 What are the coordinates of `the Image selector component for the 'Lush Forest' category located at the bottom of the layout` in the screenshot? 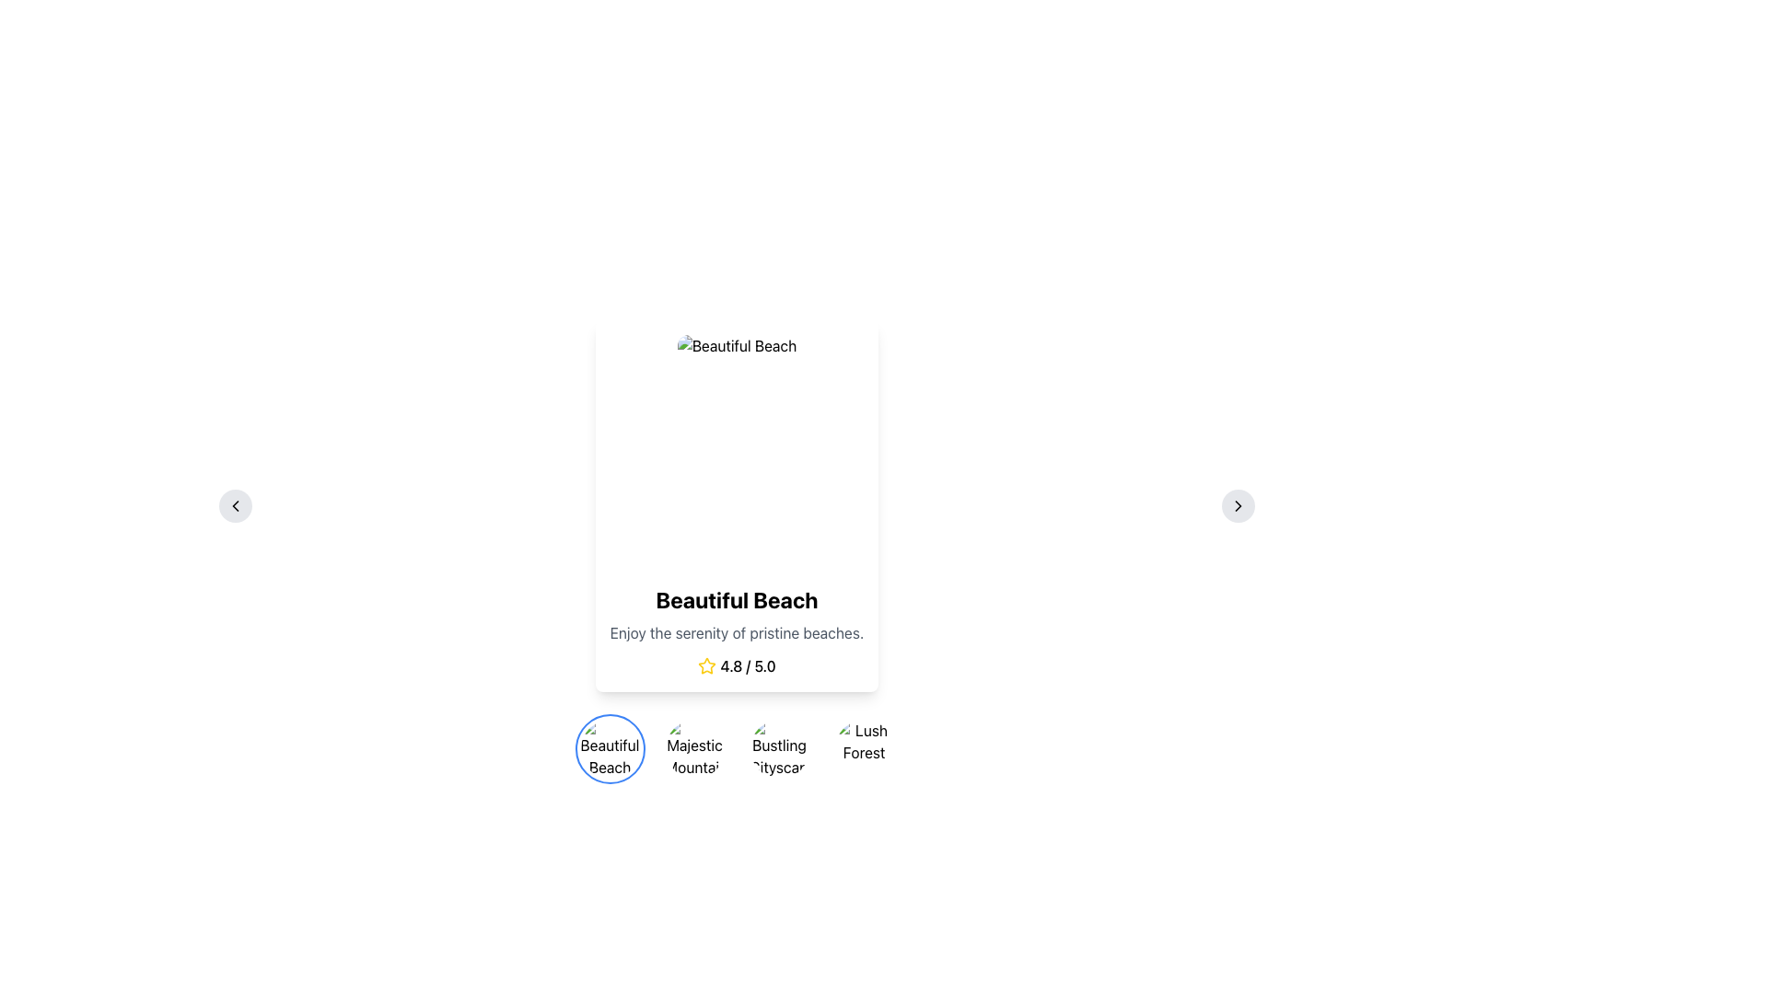 It's located at (863, 748).